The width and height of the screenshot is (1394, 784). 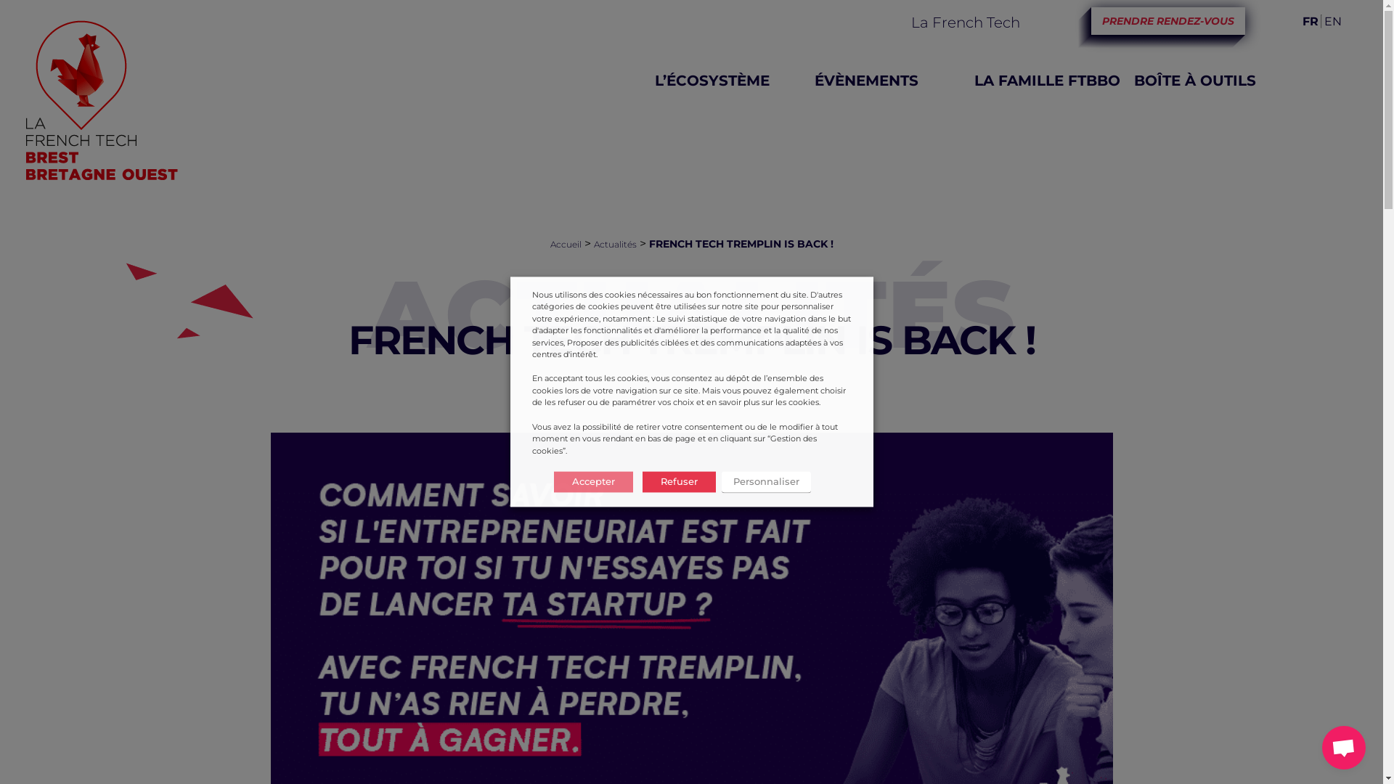 I want to click on 'Refuser', so click(x=677, y=482).